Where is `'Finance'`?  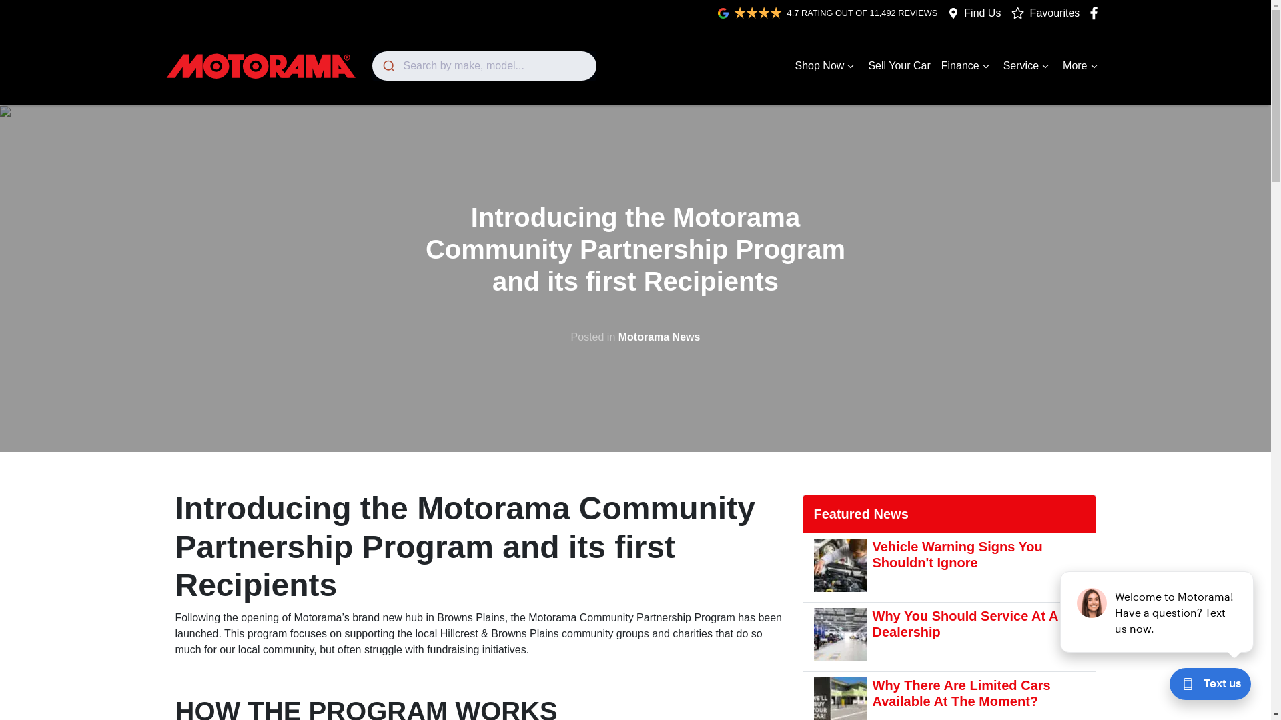 'Finance' is located at coordinates (967, 66).